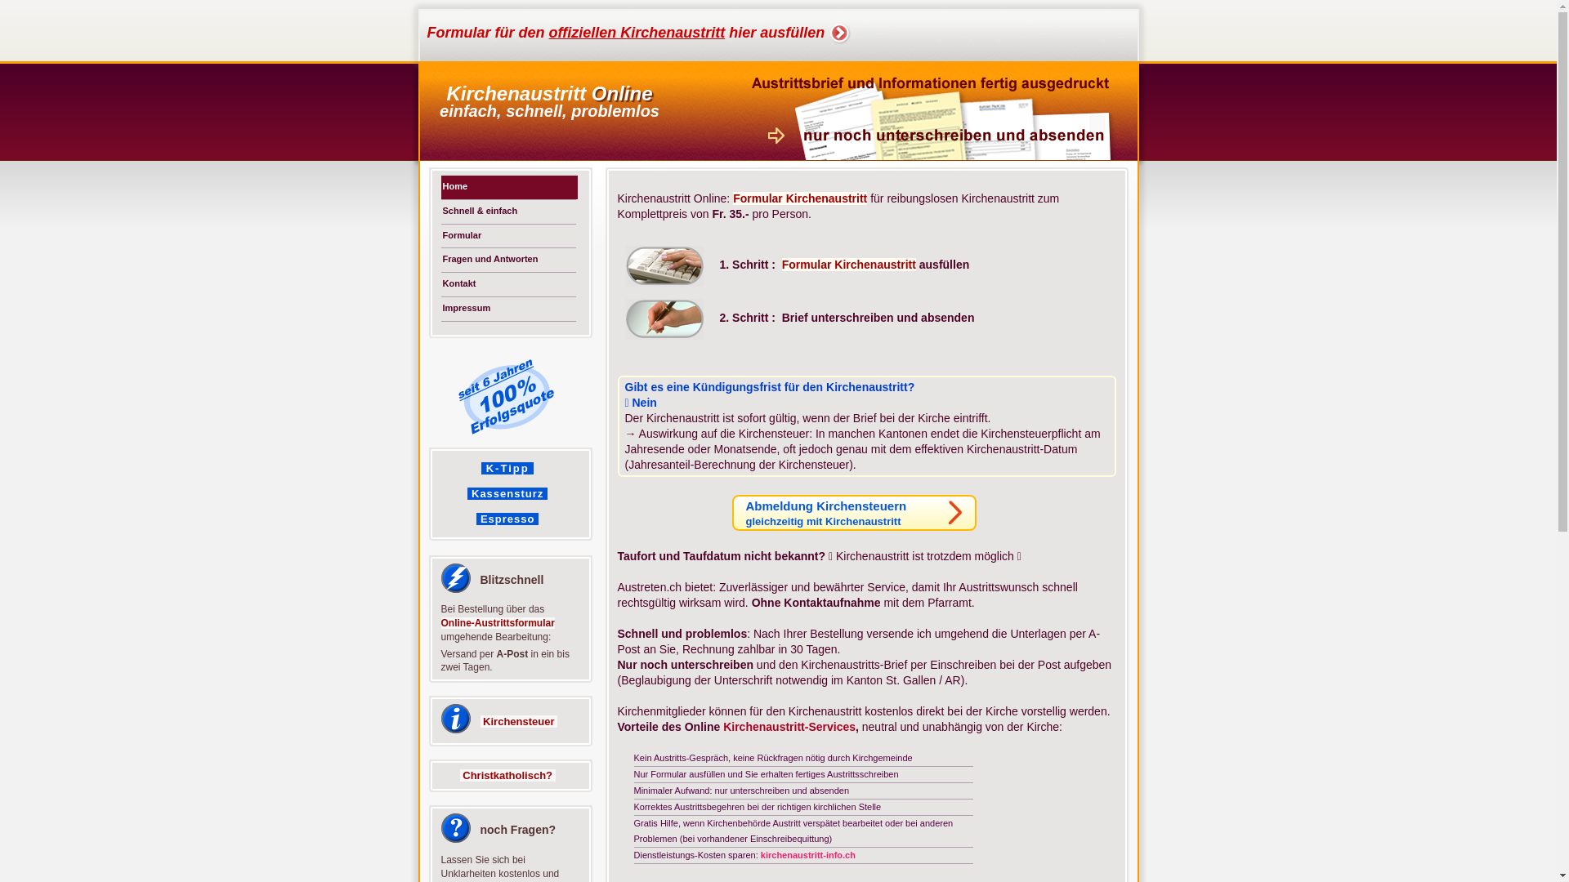 The image size is (1569, 882). Describe the element at coordinates (508, 235) in the screenshot. I see `'Formular'` at that location.